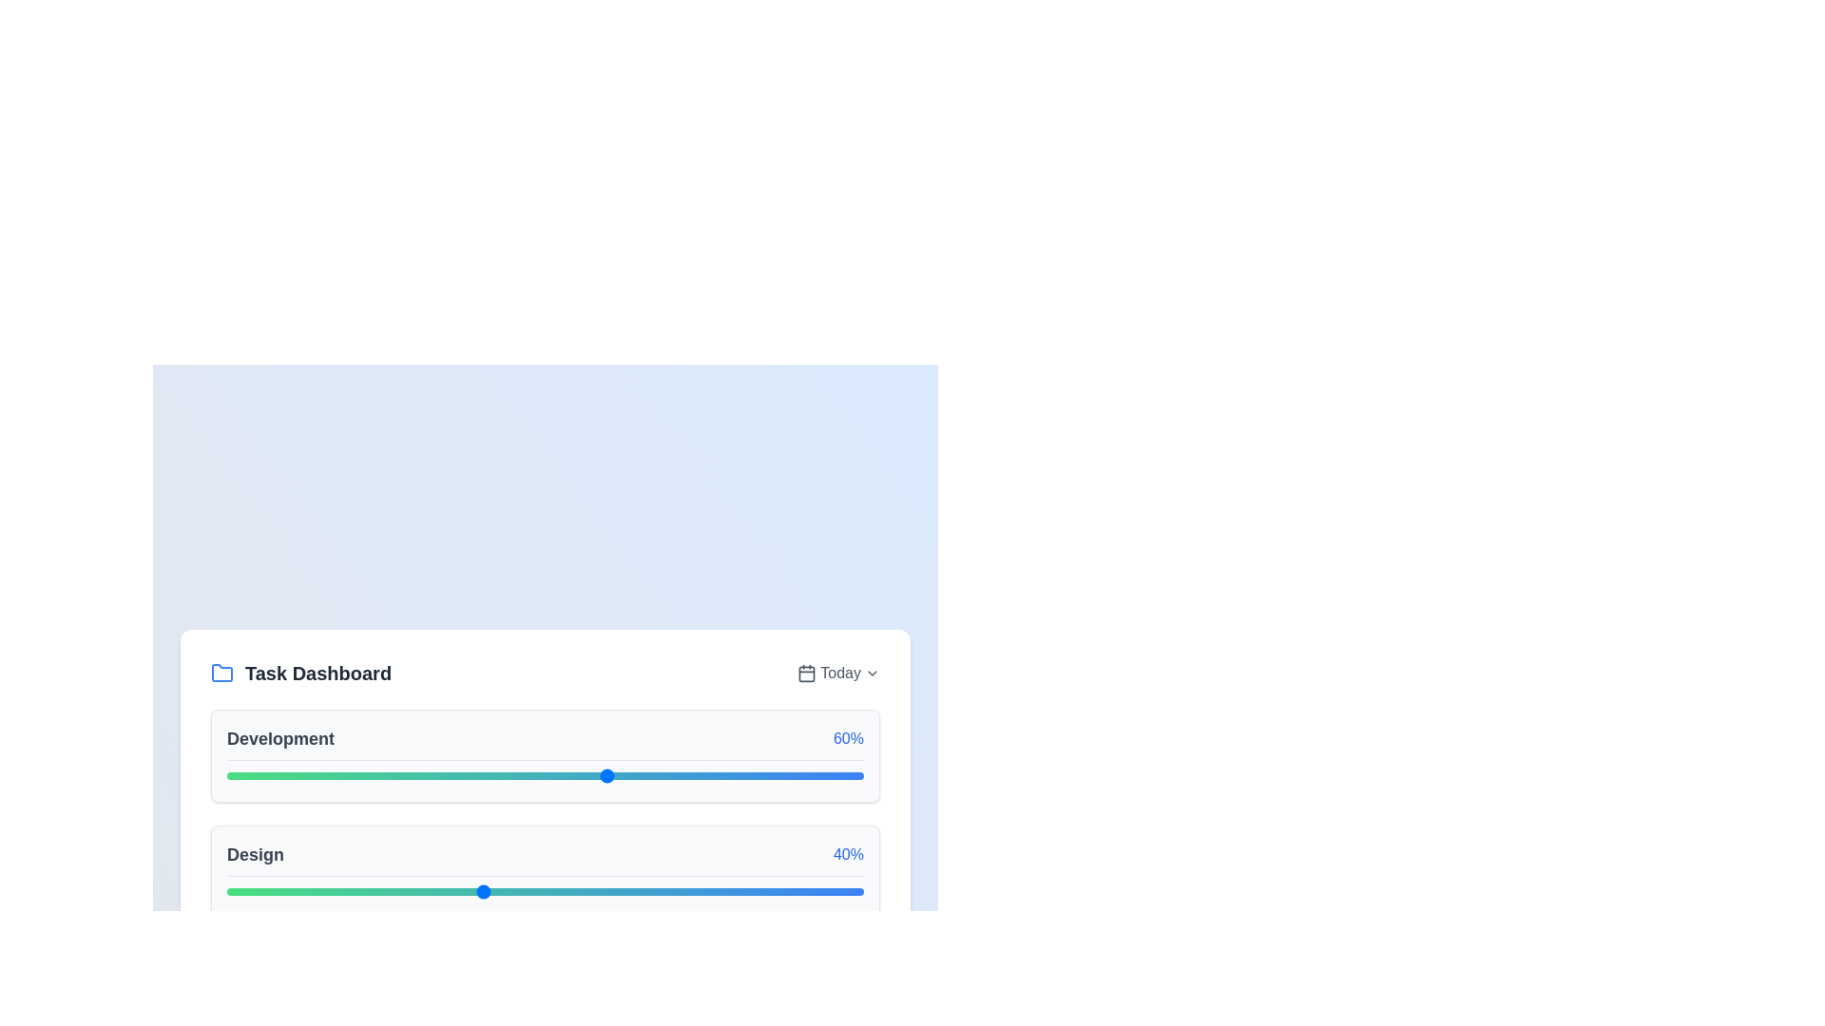 Image resolution: width=1825 pixels, height=1026 pixels. What do you see at coordinates (545, 754) in the screenshot?
I see `the progress bar of the 'Development' progress component, which shows 60% completion and is located in the 'Task Dashboard'` at bounding box center [545, 754].